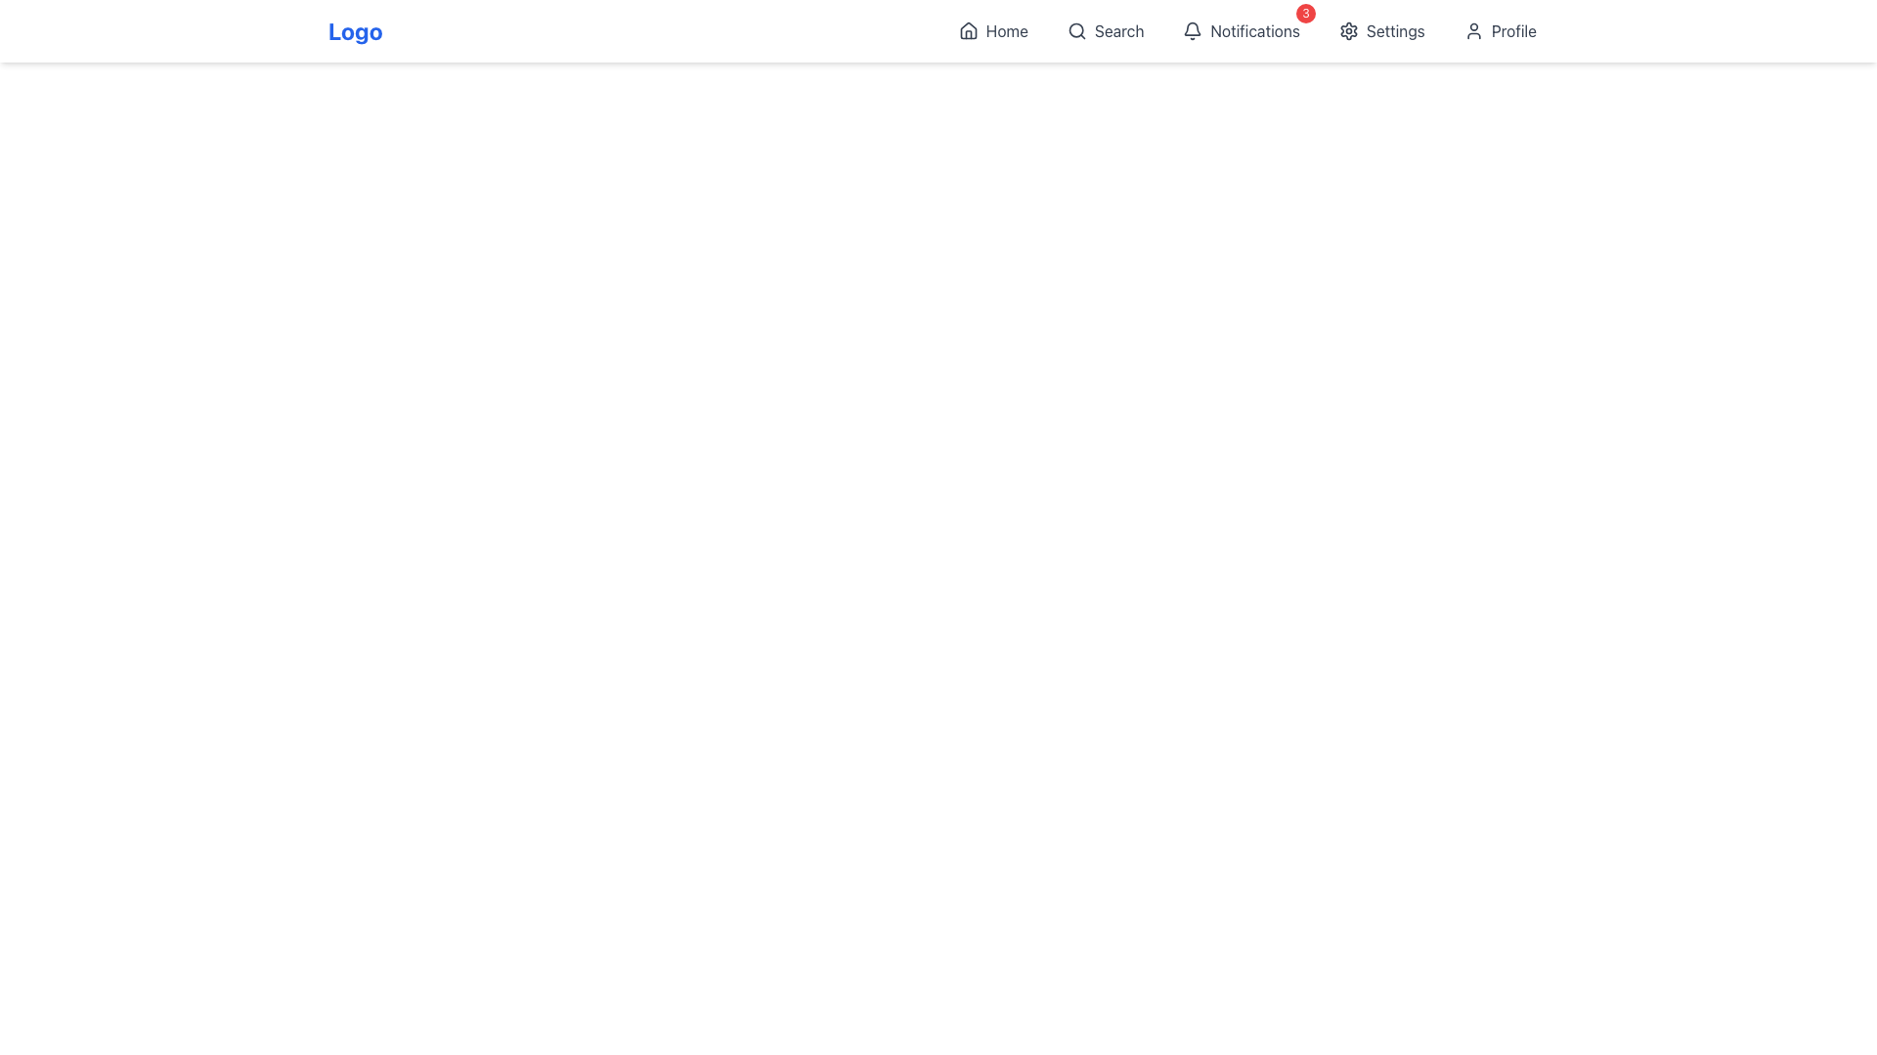 The height and width of the screenshot is (1055, 1877). What do you see at coordinates (1192, 28) in the screenshot?
I see `the bell-shaped notification icon located in the navigation bar at the upper-right area of the interface` at bounding box center [1192, 28].